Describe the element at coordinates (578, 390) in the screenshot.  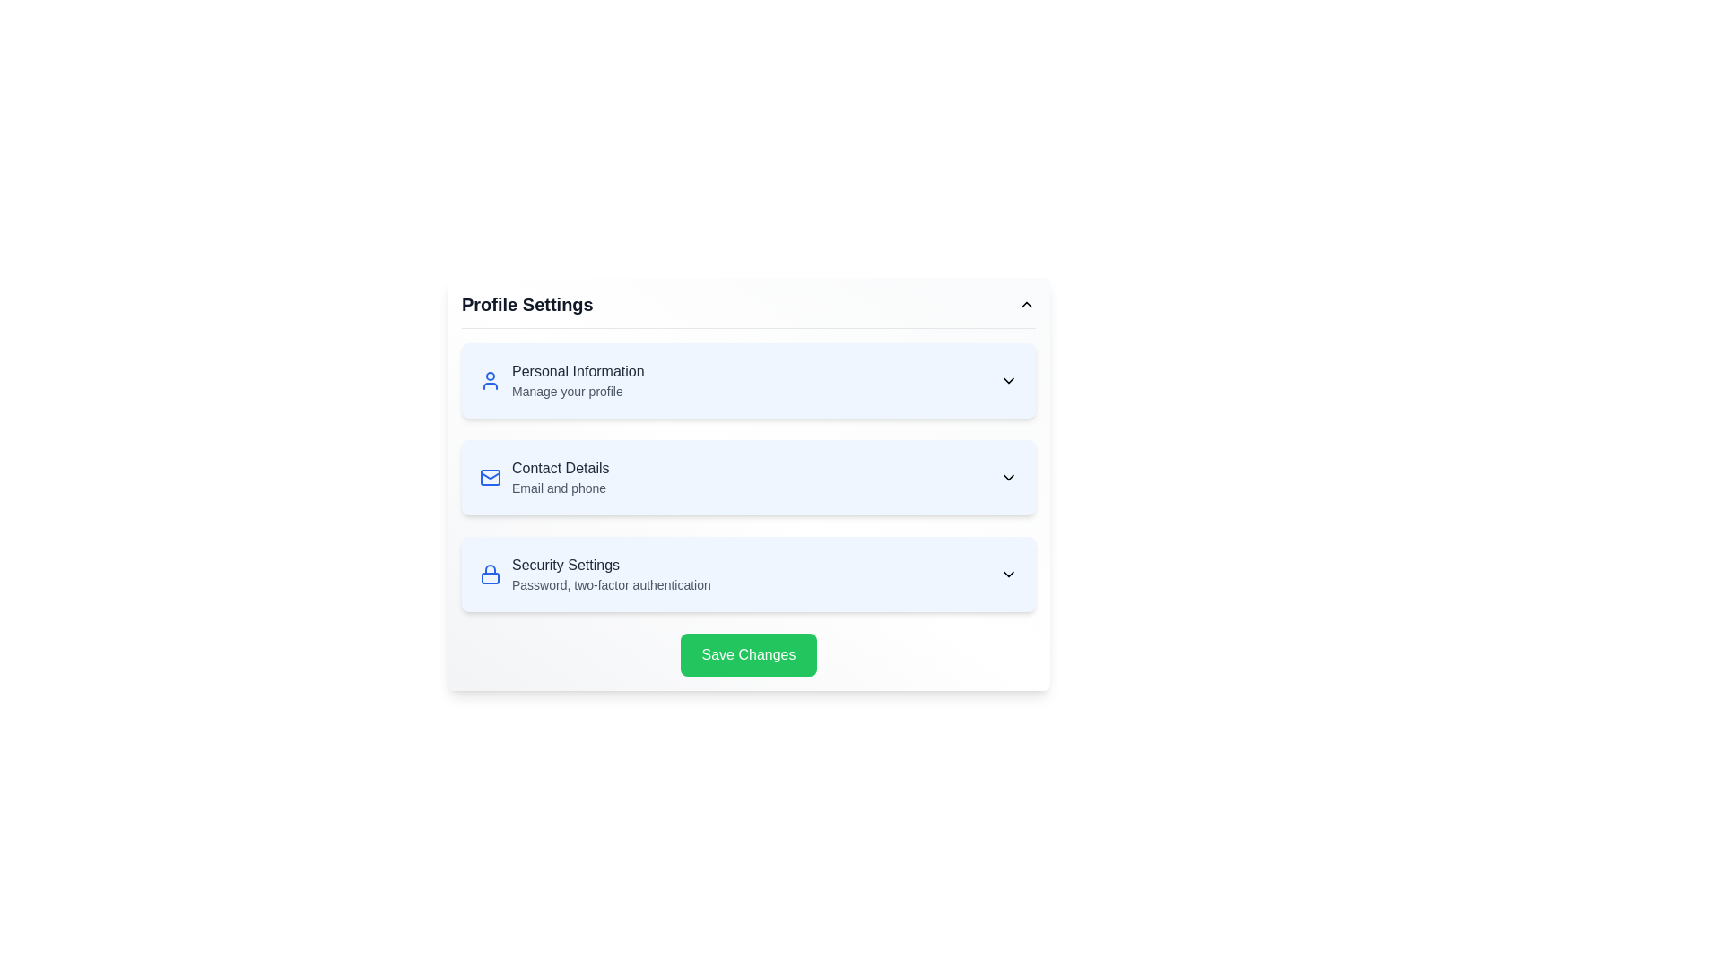
I see `the static text label stating 'Manage your profile' which is located beneath the heading 'Personal Information'` at that location.